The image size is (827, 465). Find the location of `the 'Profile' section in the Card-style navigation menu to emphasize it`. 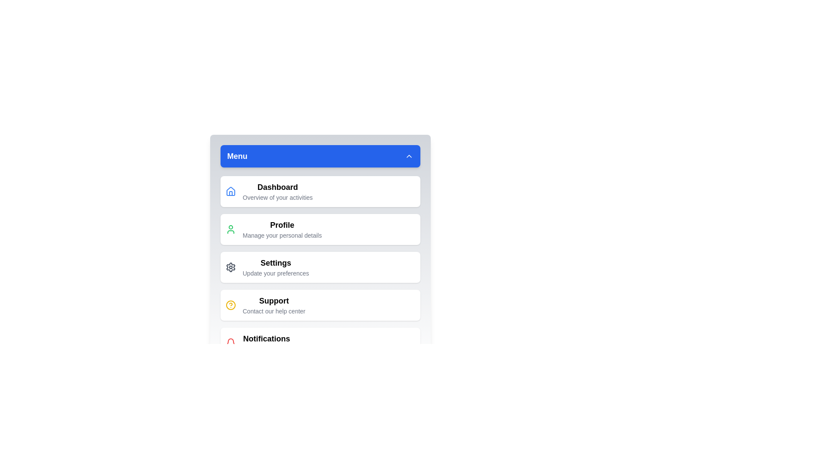

the 'Profile' section in the Card-style navigation menu to emphasize it is located at coordinates (320, 229).